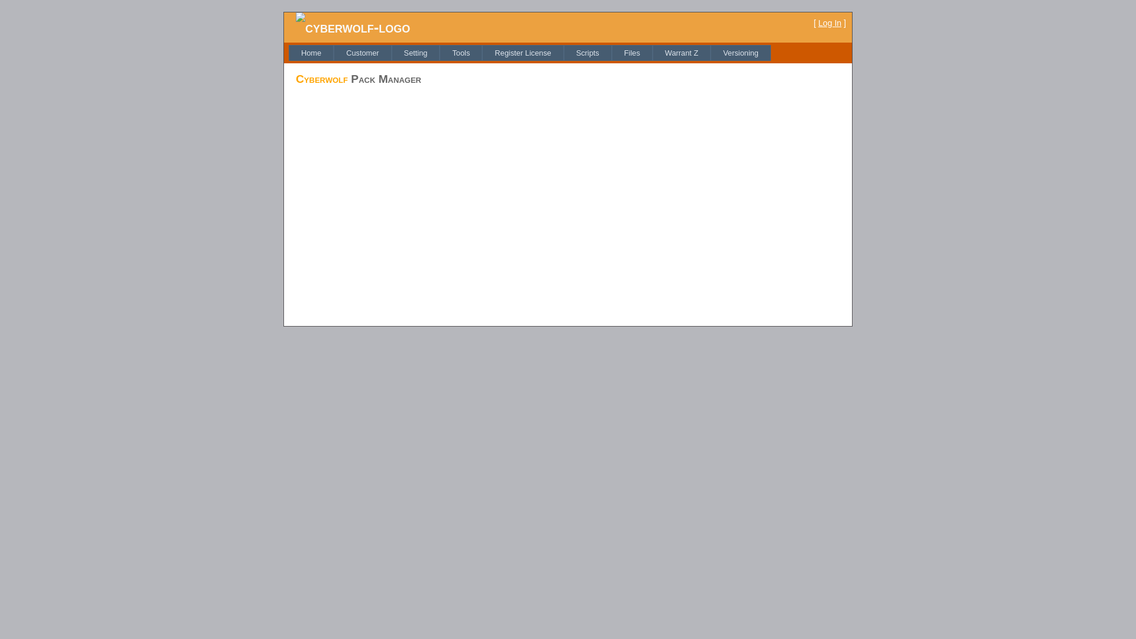 The height and width of the screenshot is (639, 1136). I want to click on 'Versioning', so click(740, 52).